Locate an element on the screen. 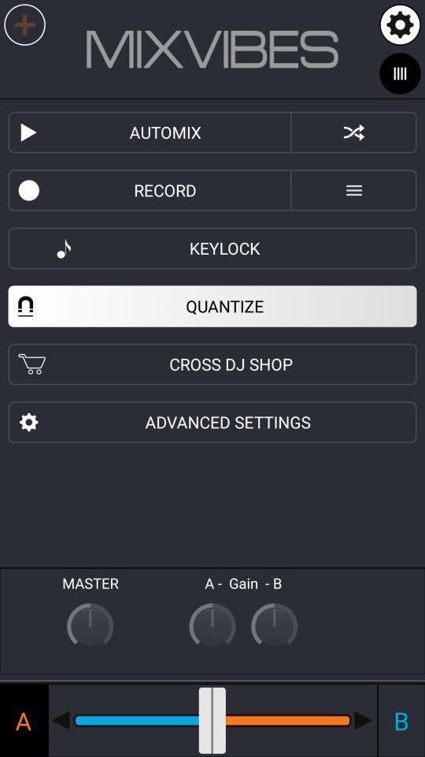  the menu icon is located at coordinates (353, 189).